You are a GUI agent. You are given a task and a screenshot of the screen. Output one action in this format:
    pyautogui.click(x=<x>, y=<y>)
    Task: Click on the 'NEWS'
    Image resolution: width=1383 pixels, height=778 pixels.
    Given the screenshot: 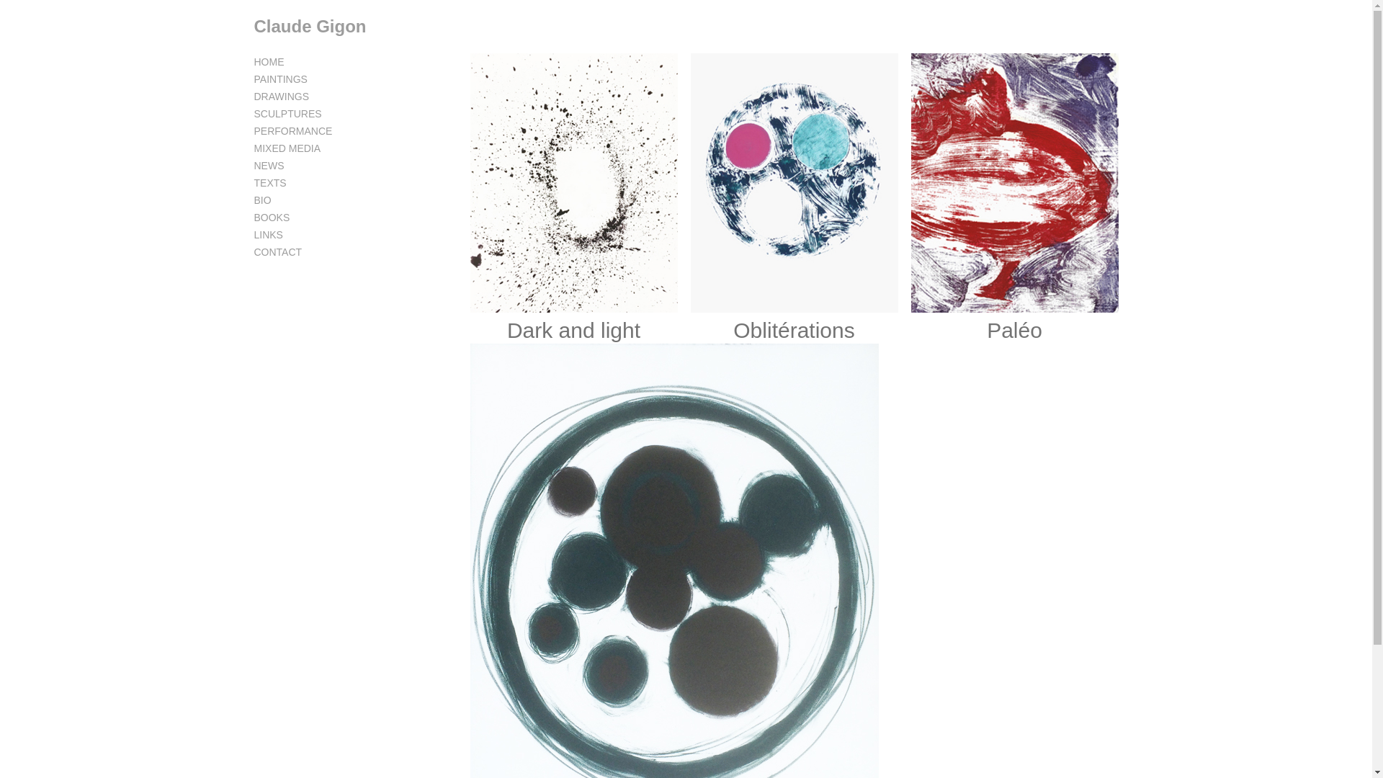 What is the action you would take?
    pyautogui.click(x=269, y=165)
    